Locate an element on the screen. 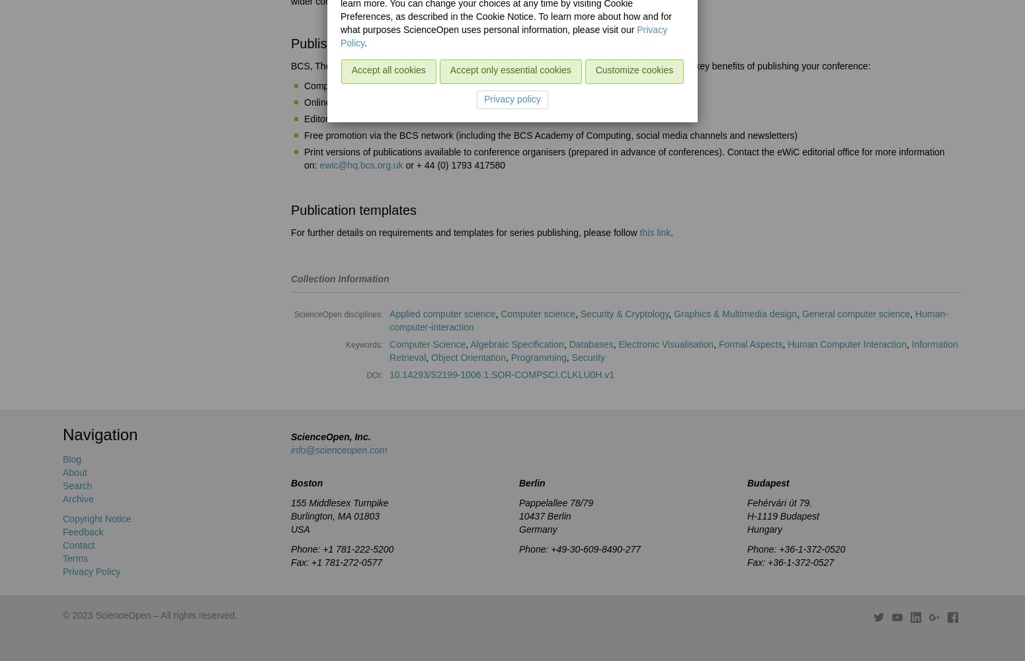  'Germany' is located at coordinates (518, 529).